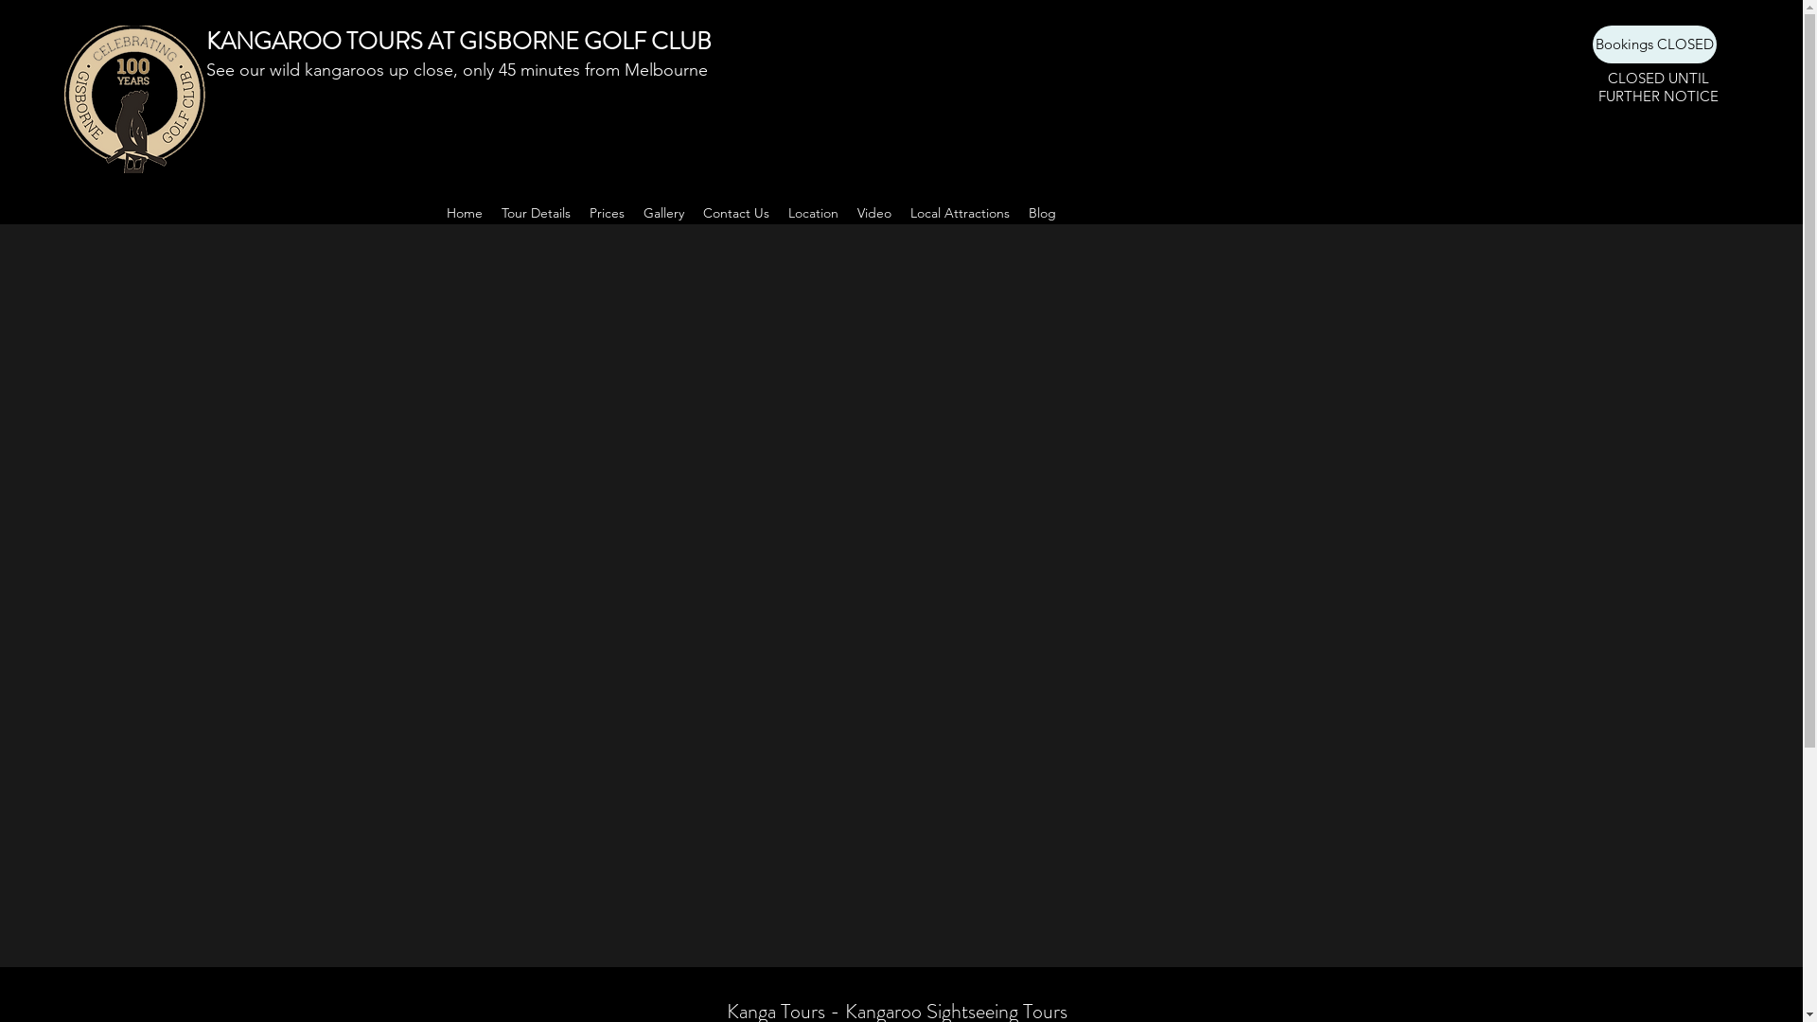 Image resolution: width=1817 pixels, height=1022 pixels. I want to click on 'Gallery', so click(663, 212).